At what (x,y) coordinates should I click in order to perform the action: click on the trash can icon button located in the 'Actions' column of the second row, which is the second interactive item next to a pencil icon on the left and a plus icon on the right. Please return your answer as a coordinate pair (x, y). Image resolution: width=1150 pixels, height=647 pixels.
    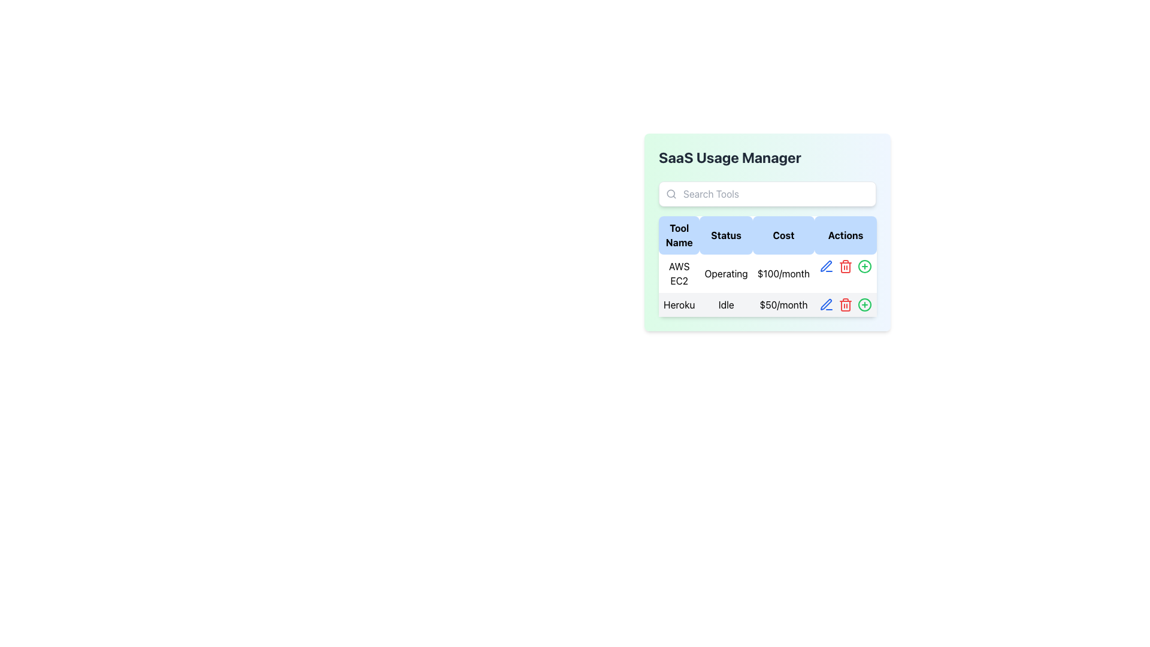
    Looking at the image, I should click on (845, 265).